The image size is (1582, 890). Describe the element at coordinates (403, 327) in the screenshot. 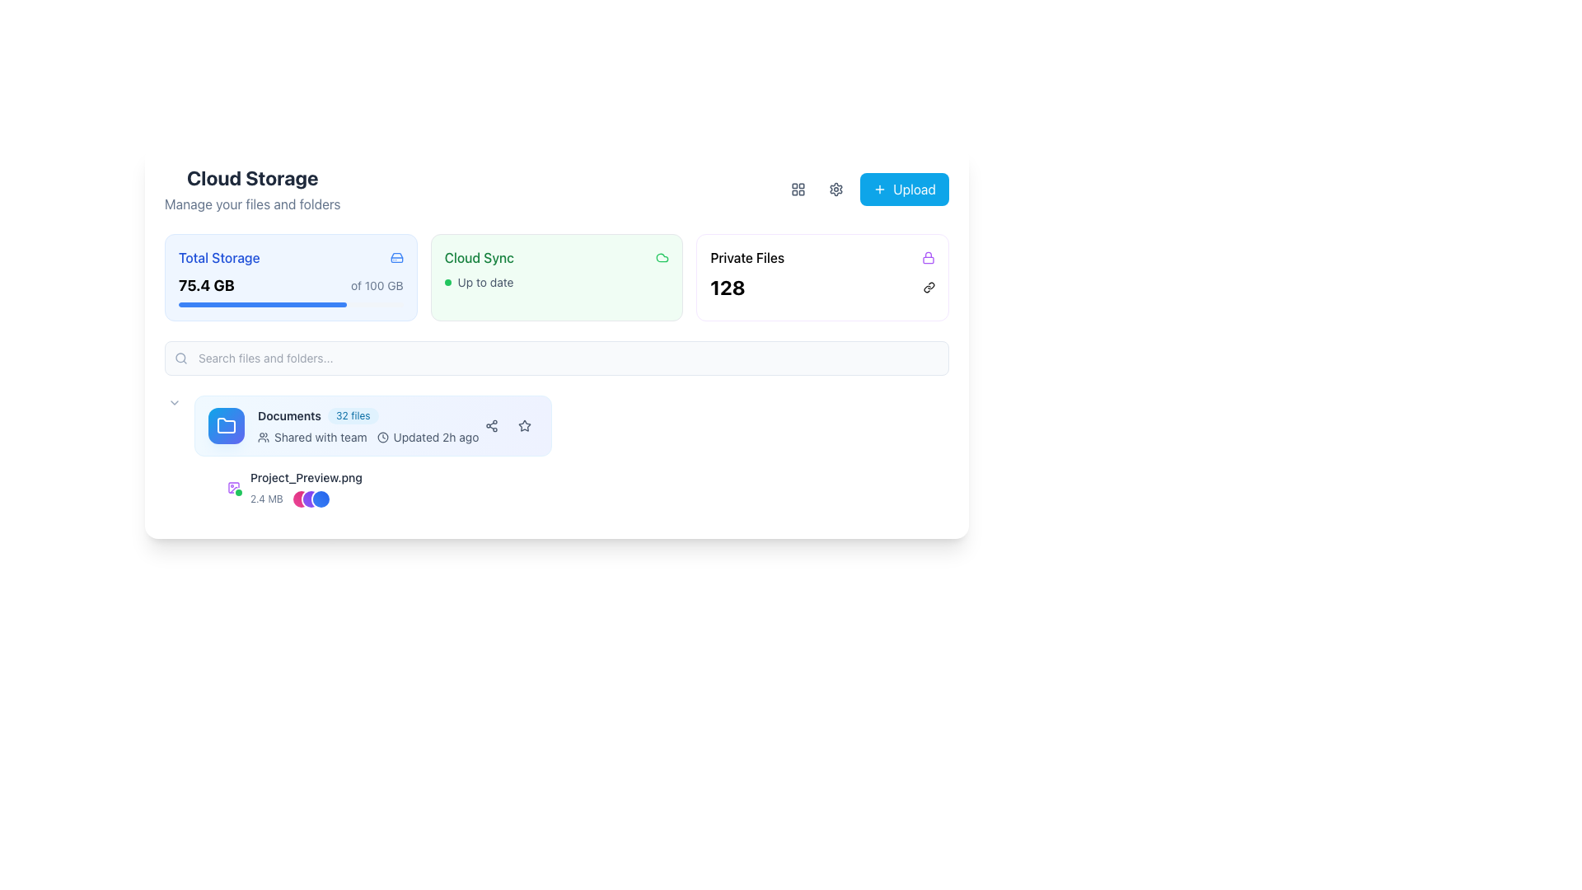

I see `the progress bar located below the 'Cloud Sync' and '75.4 GB of 100 GB' indicators, which spans the width of these elements and is centered within the panel` at that location.